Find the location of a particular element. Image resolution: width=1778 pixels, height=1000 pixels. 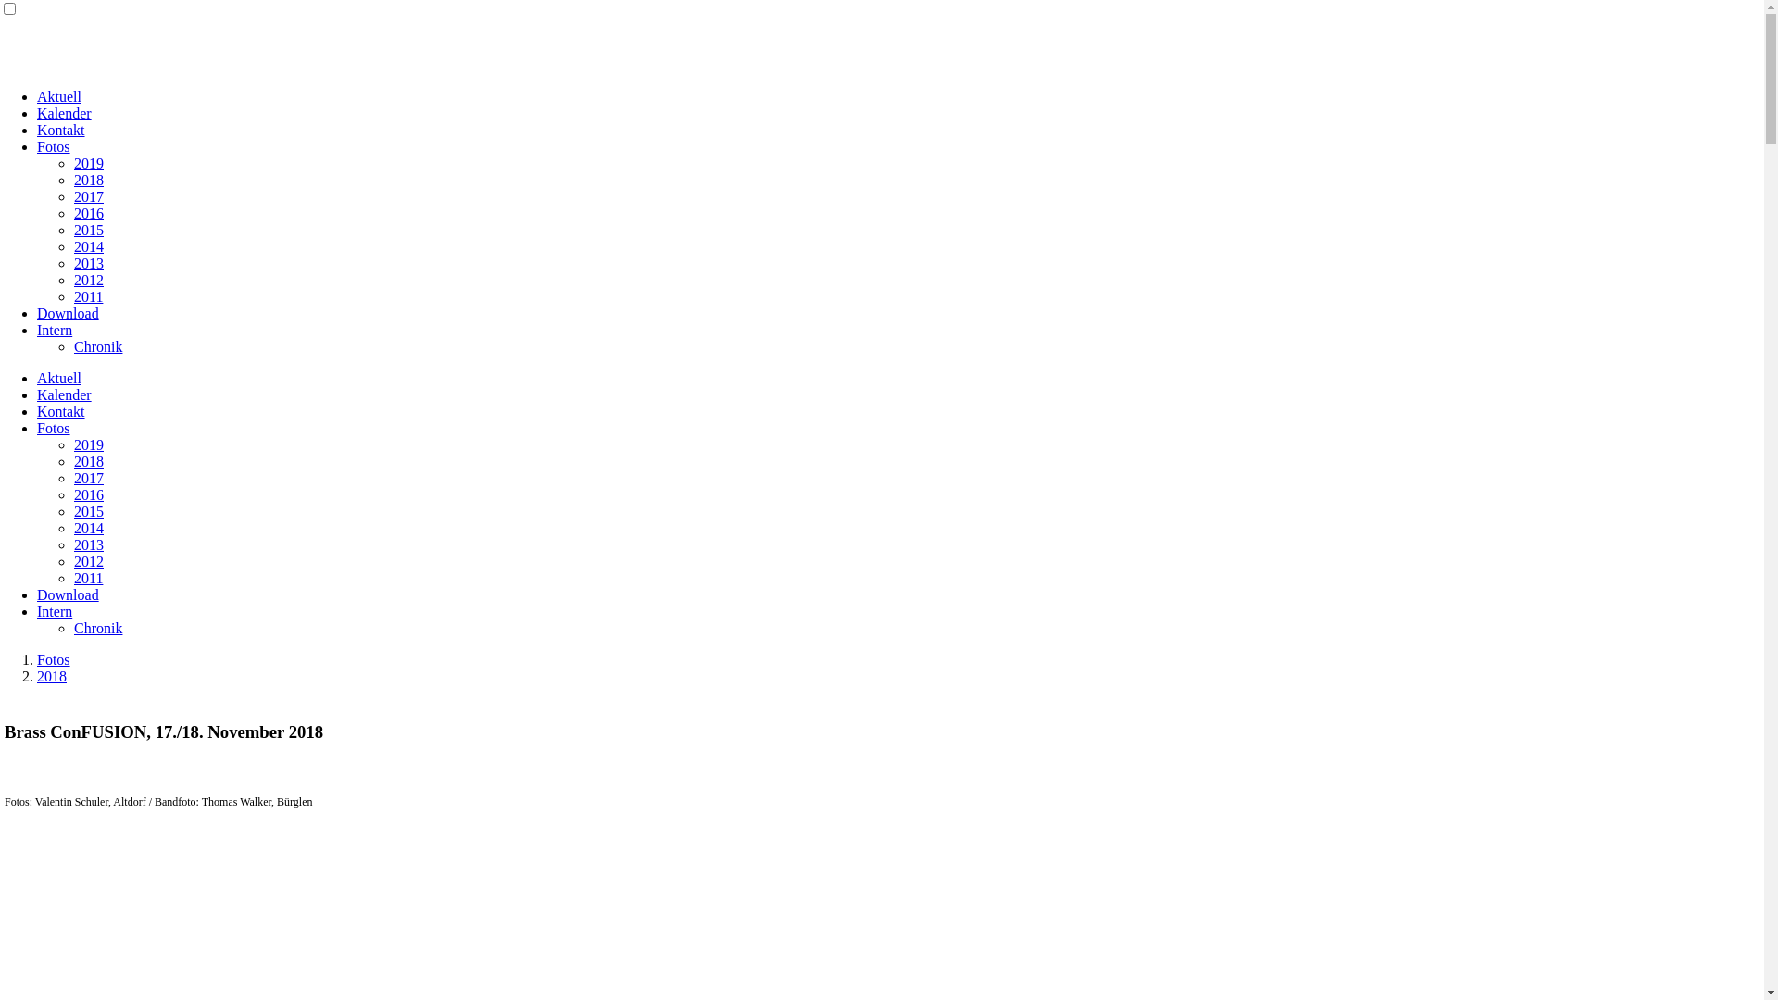

'Aktuell' is located at coordinates (58, 96).